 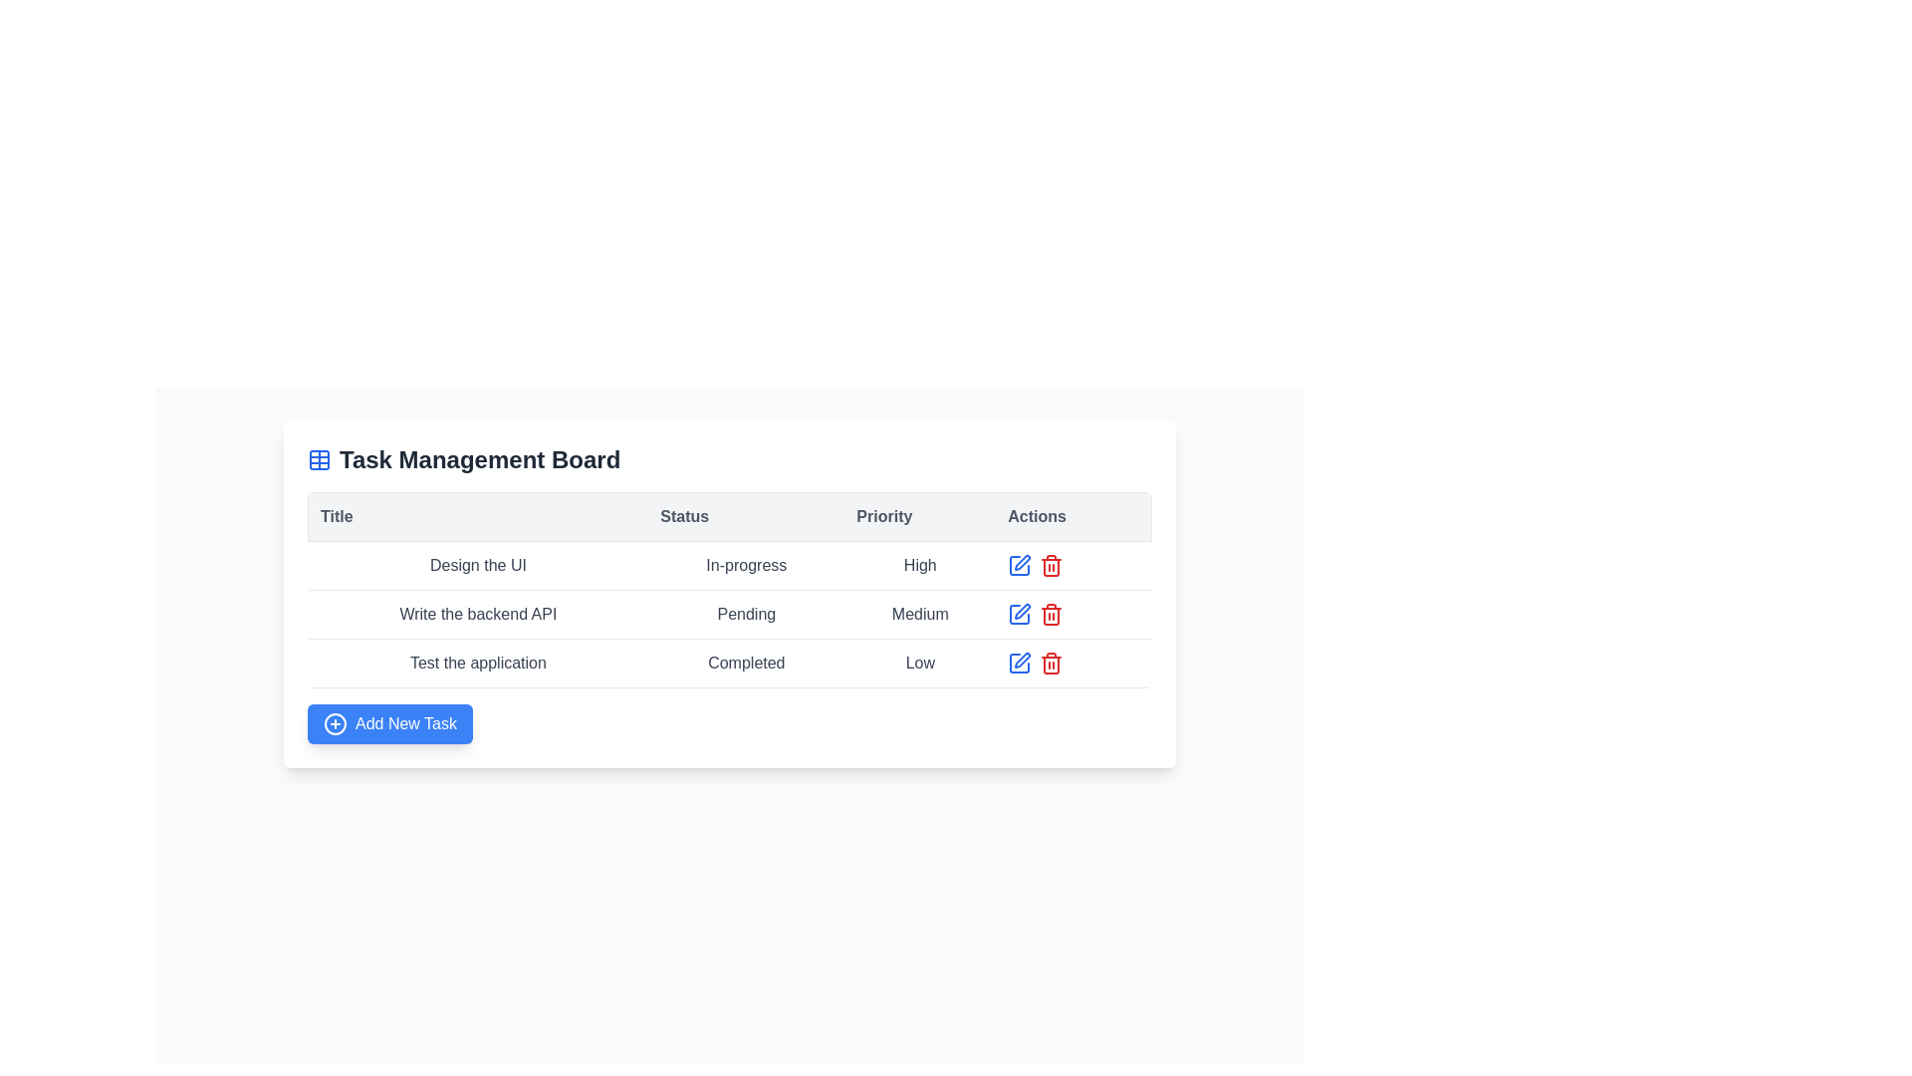 What do you see at coordinates (390, 723) in the screenshot?
I see `the 'Add New Task' button with a blue background and white text located at the bottom of the 'Task Management Board'` at bounding box center [390, 723].